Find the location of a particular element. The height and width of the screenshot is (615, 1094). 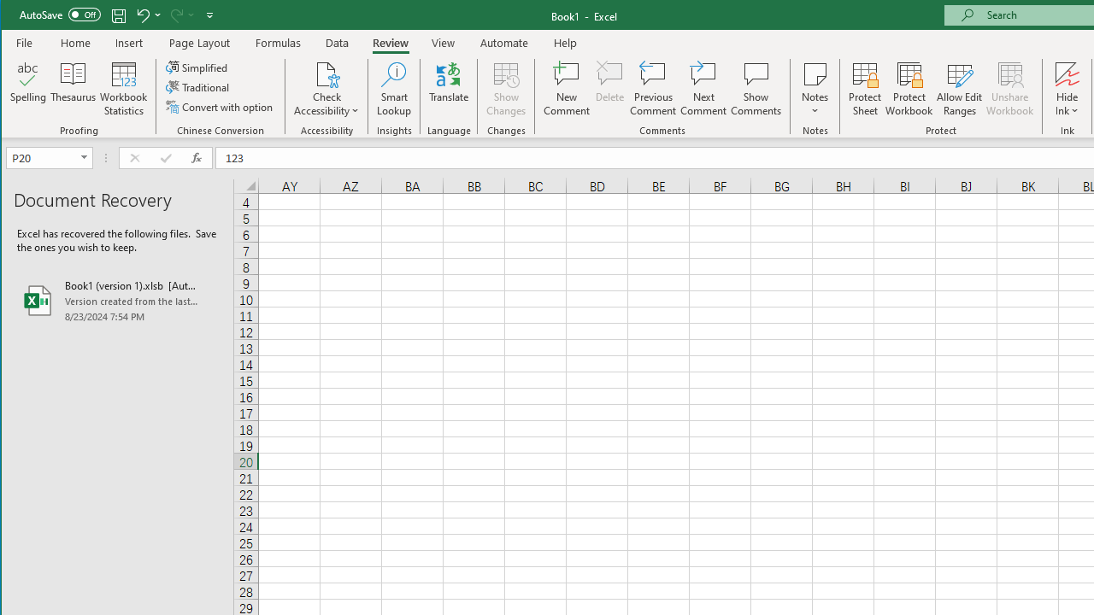

'Home' is located at coordinates (74, 42).